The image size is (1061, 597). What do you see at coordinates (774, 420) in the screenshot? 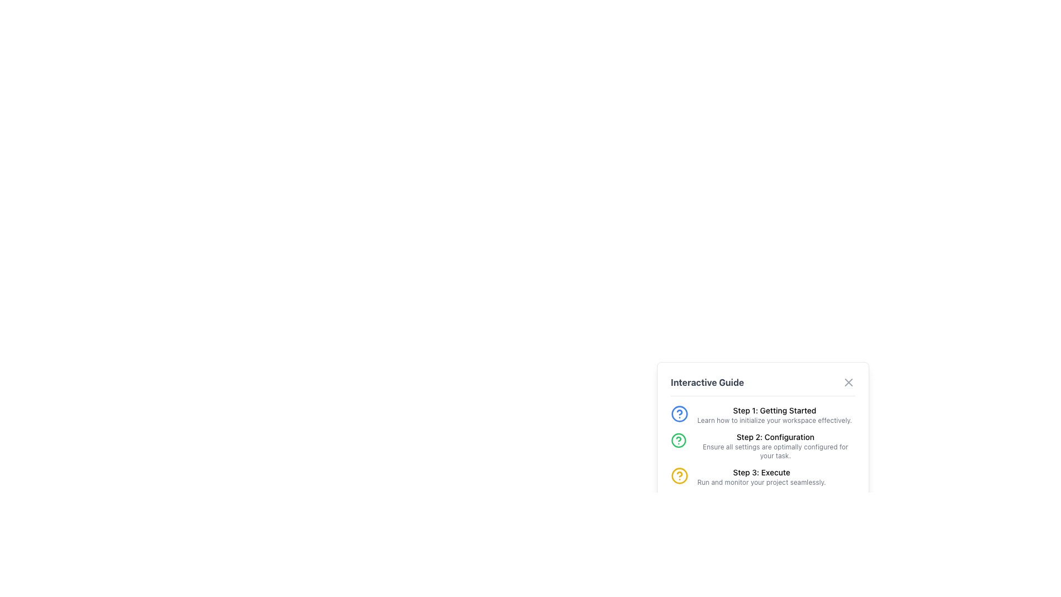
I see `the description text for 'Step 1: Getting Started' in the interactive guide, which provides guidance for initializing the workspace` at bounding box center [774, 420].